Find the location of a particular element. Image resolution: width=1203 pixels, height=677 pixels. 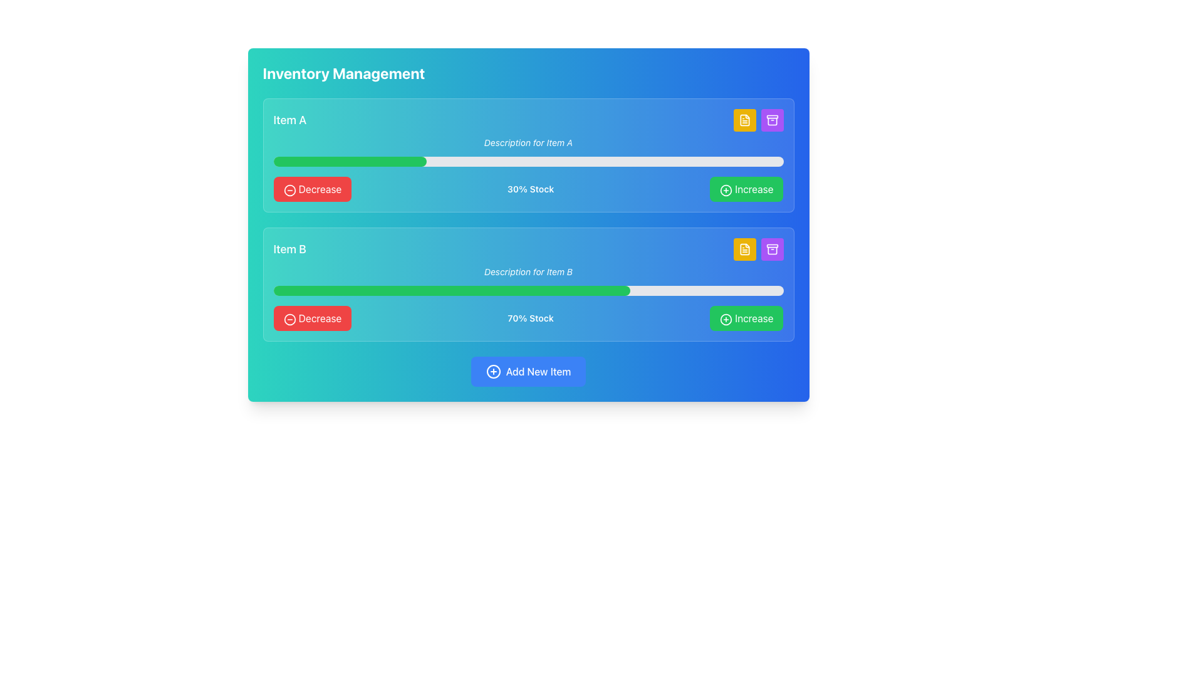

the small square button with rounded corners and a yellow background that features an icon resembling a text file, located to the far right within the control panel for 'Item A' is located at coordinates (744, 120).